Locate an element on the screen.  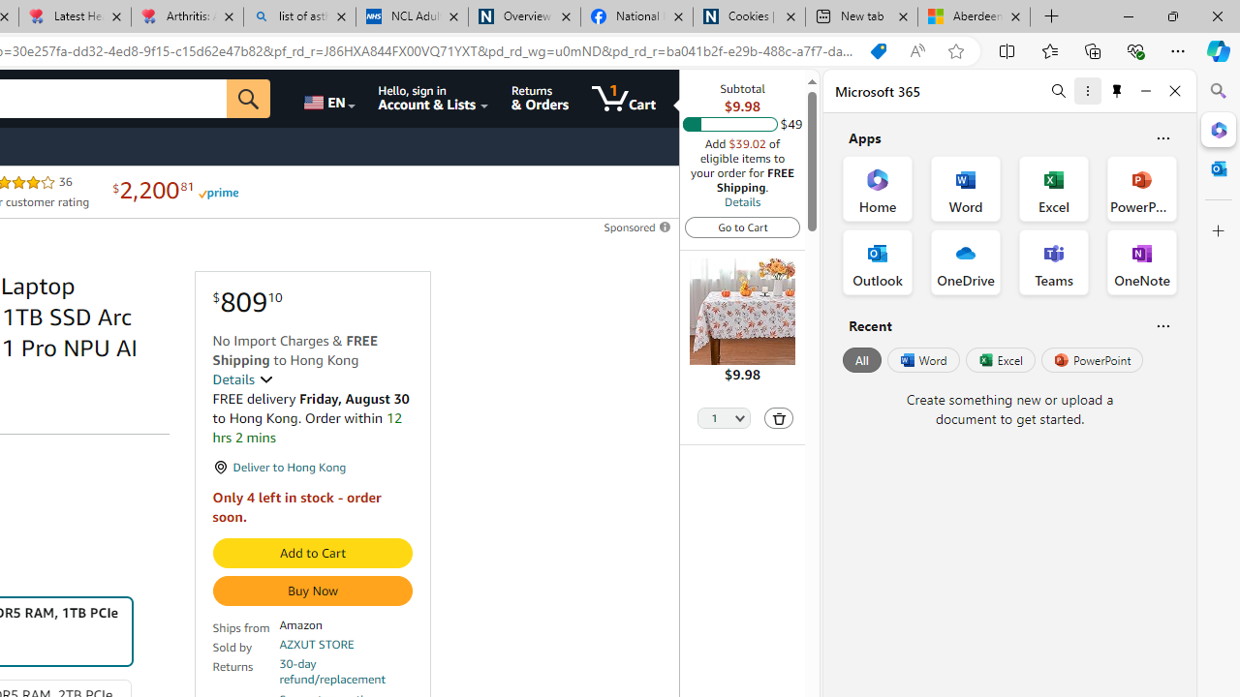
'Cookies | About | NICE' is located at coordinates (748, 16).